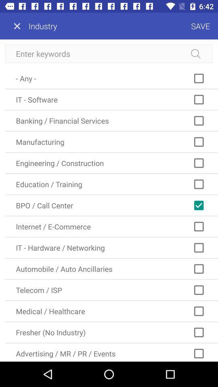 The width and height of the screenshot is (218, 387). What do you see at coordinates (109, 53) in the screenshot?
I see `search keyword` at bounding box center [109, 53].